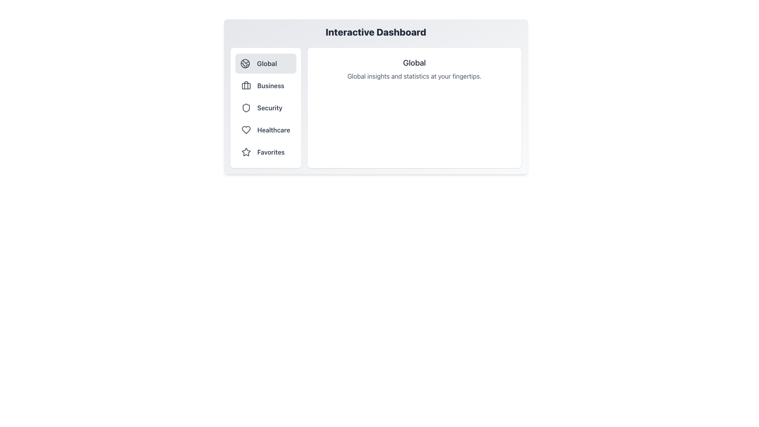 Image resolution: width=759 pixels, height=427 pixels. I want to click on the vertical line of the briefcase icon in the 'Business' section of the vertical navigation menu, which is part of the icon's graphical representation, so click(246, 85).